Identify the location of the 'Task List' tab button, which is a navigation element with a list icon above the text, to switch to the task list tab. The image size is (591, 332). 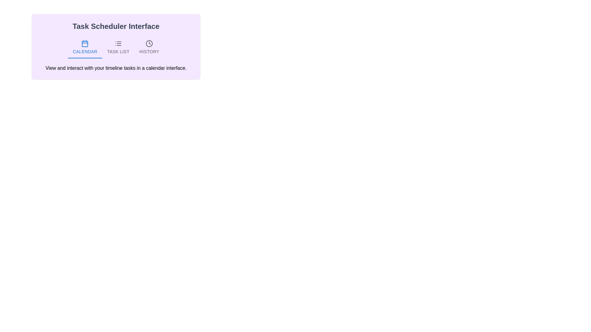
(118, 47).